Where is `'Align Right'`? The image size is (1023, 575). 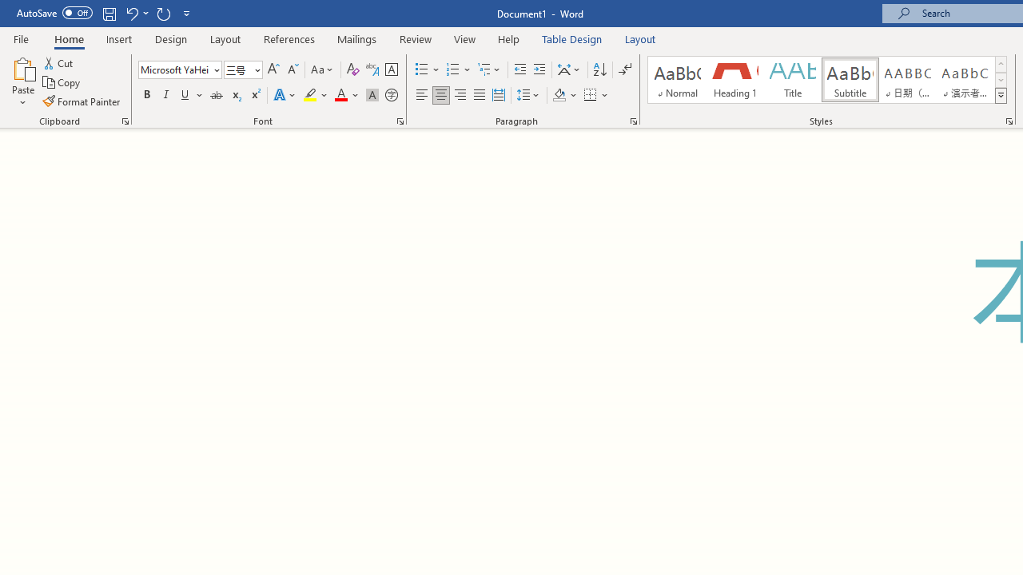 'Align Right' is located at coordinates (460, 95).